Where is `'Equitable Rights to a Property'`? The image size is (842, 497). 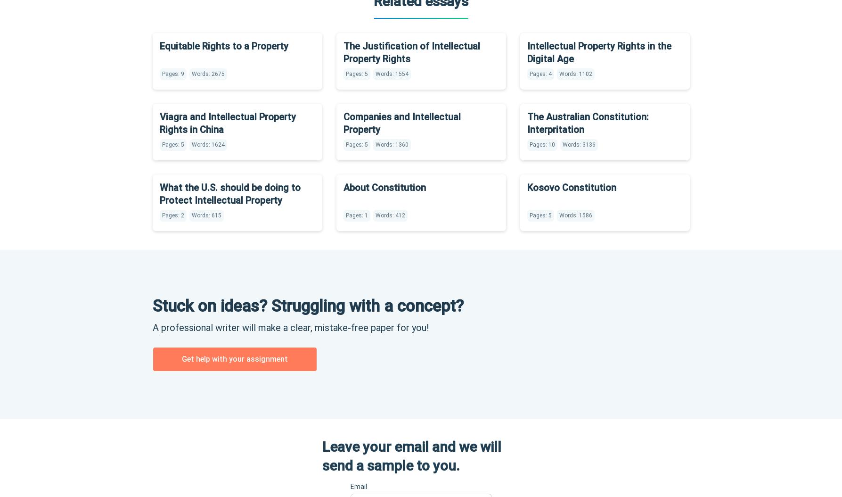
'Equitable Rights to a Property' is located at coordinates (223, 45).